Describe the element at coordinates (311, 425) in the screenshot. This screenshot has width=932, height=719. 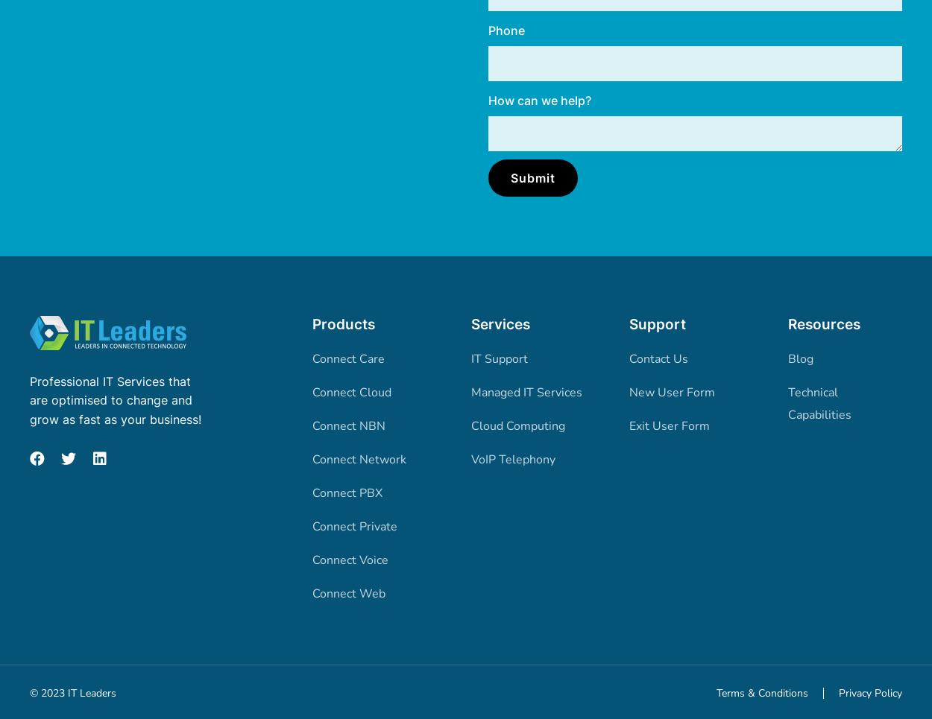
I see `'Connect NBN'` at that location.